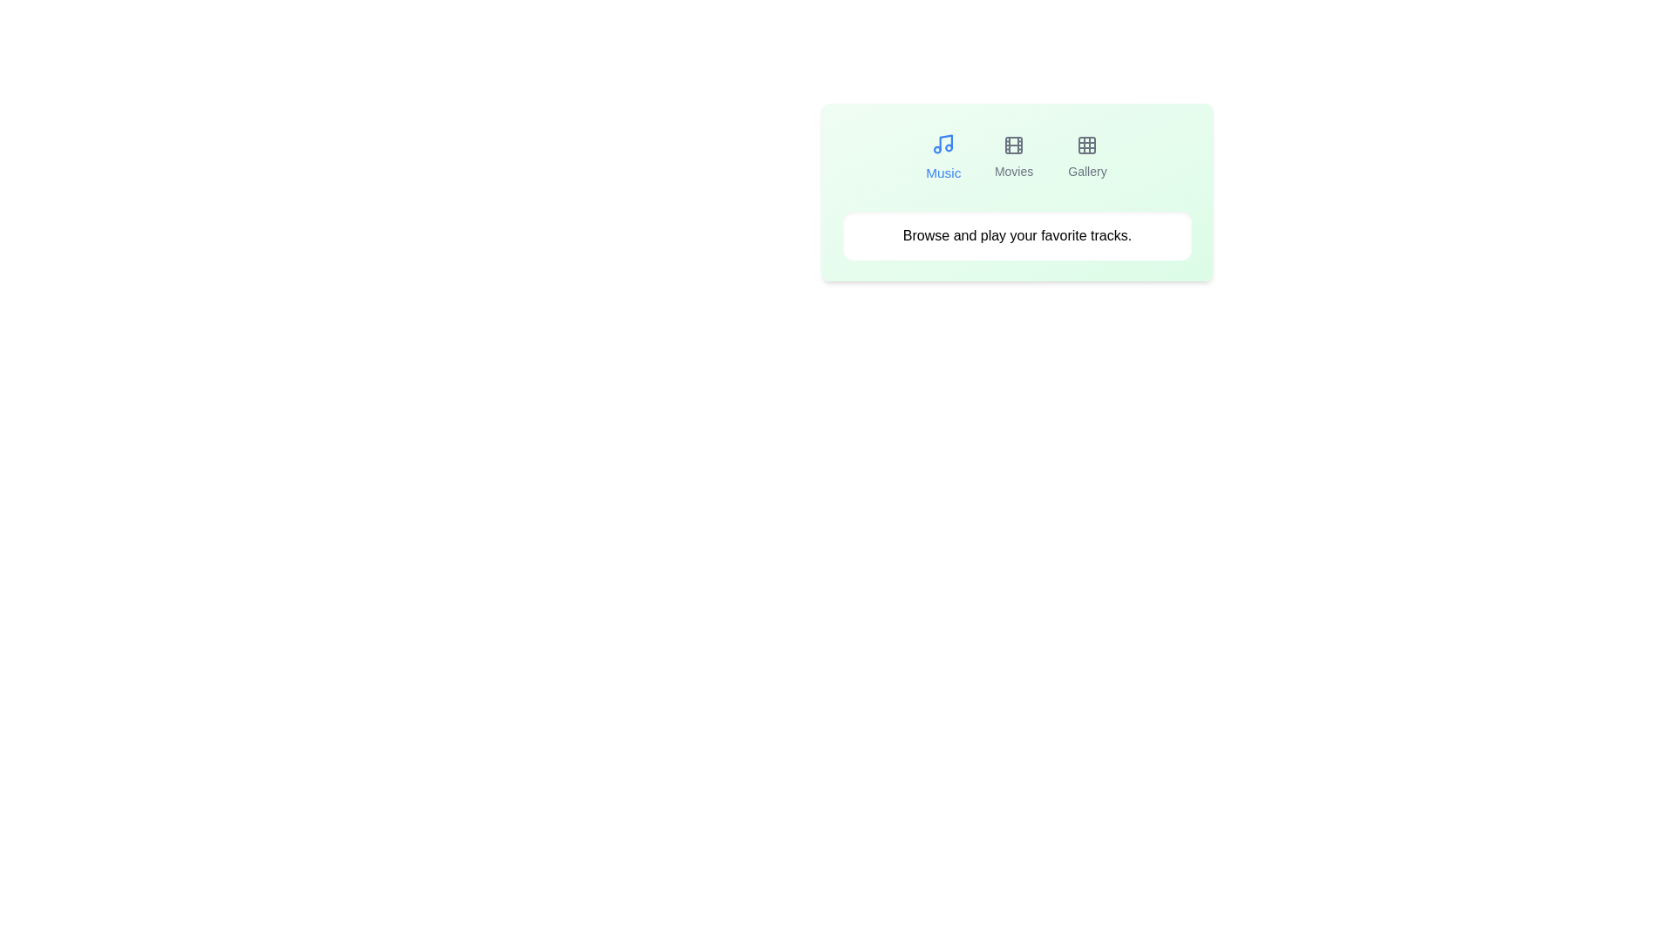 The height and width of the screenshot is (941, 1674). I want to click on the tab button labeled Movies, so click(1013, 158).